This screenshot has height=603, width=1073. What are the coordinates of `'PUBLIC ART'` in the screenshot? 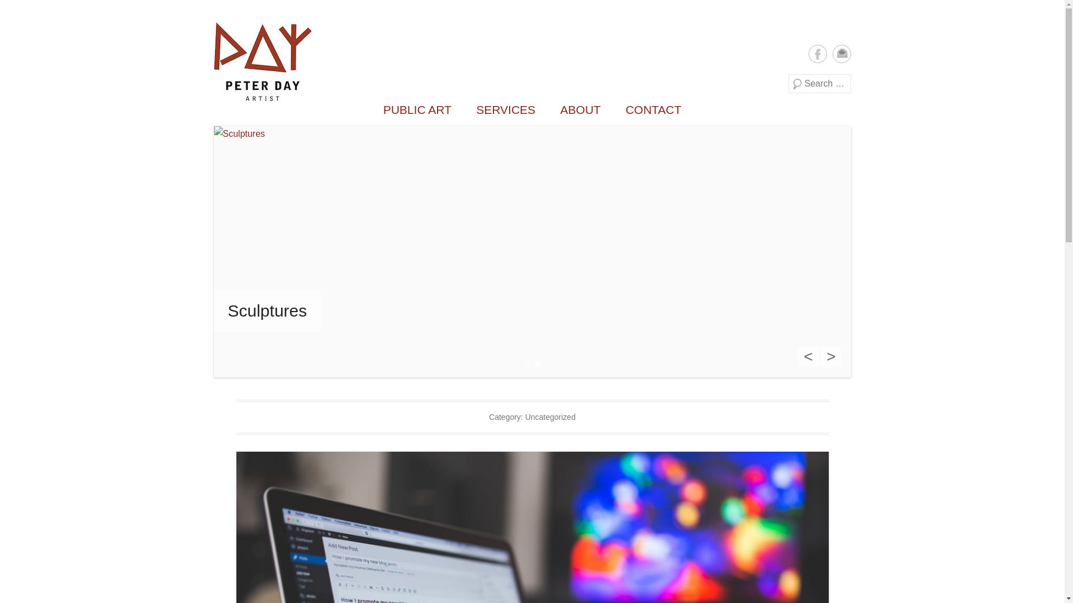 It's located at (417, 109).